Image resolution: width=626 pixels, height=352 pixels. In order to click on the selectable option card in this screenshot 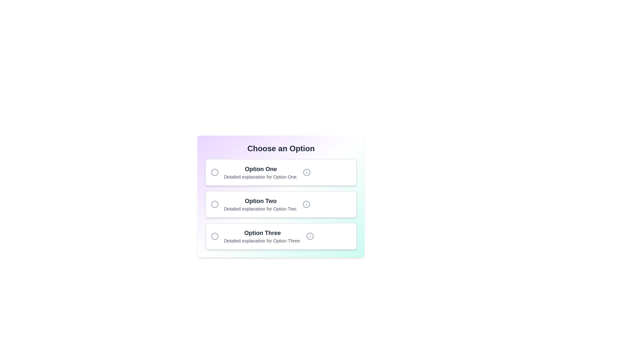, I will do `click(281, 204)`.